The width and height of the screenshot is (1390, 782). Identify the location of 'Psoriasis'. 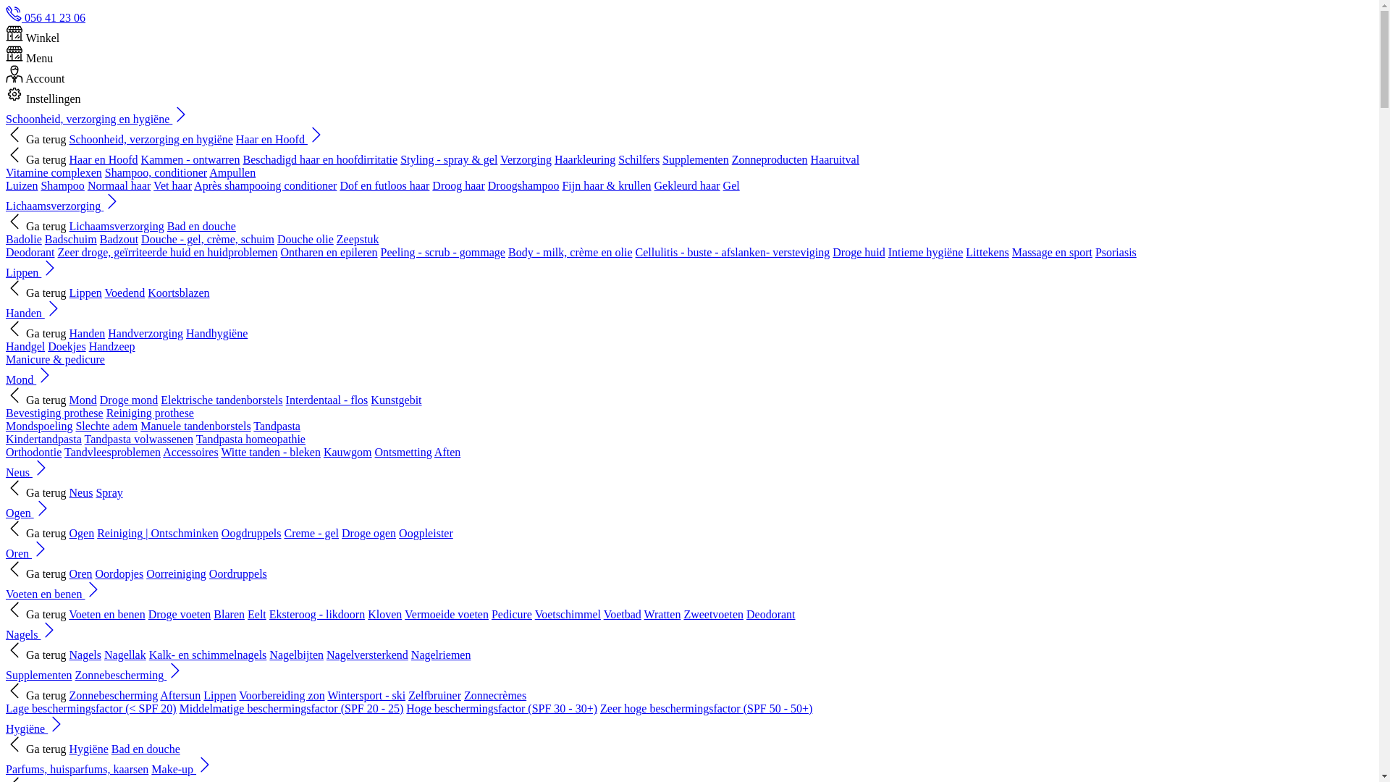
(1115, 251).